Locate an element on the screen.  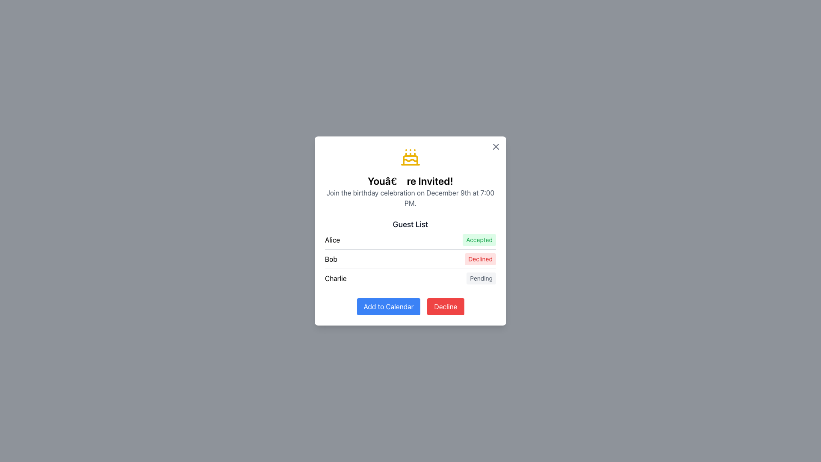
status label of the guest named Charlie, which is the third row in the 'Guest List' section indicating their RSVP status as pending is located at coordinates (410, 278).